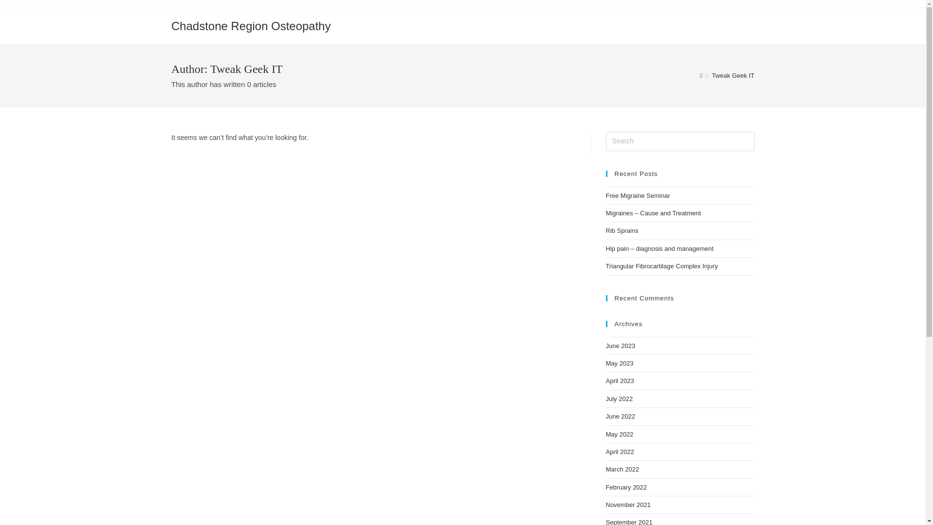 This screenshot has width=933, height=525. What do you see at coordinates (626, 487) in the screenshot?
I see `'February 2022'` at bounding box center [626, 487].